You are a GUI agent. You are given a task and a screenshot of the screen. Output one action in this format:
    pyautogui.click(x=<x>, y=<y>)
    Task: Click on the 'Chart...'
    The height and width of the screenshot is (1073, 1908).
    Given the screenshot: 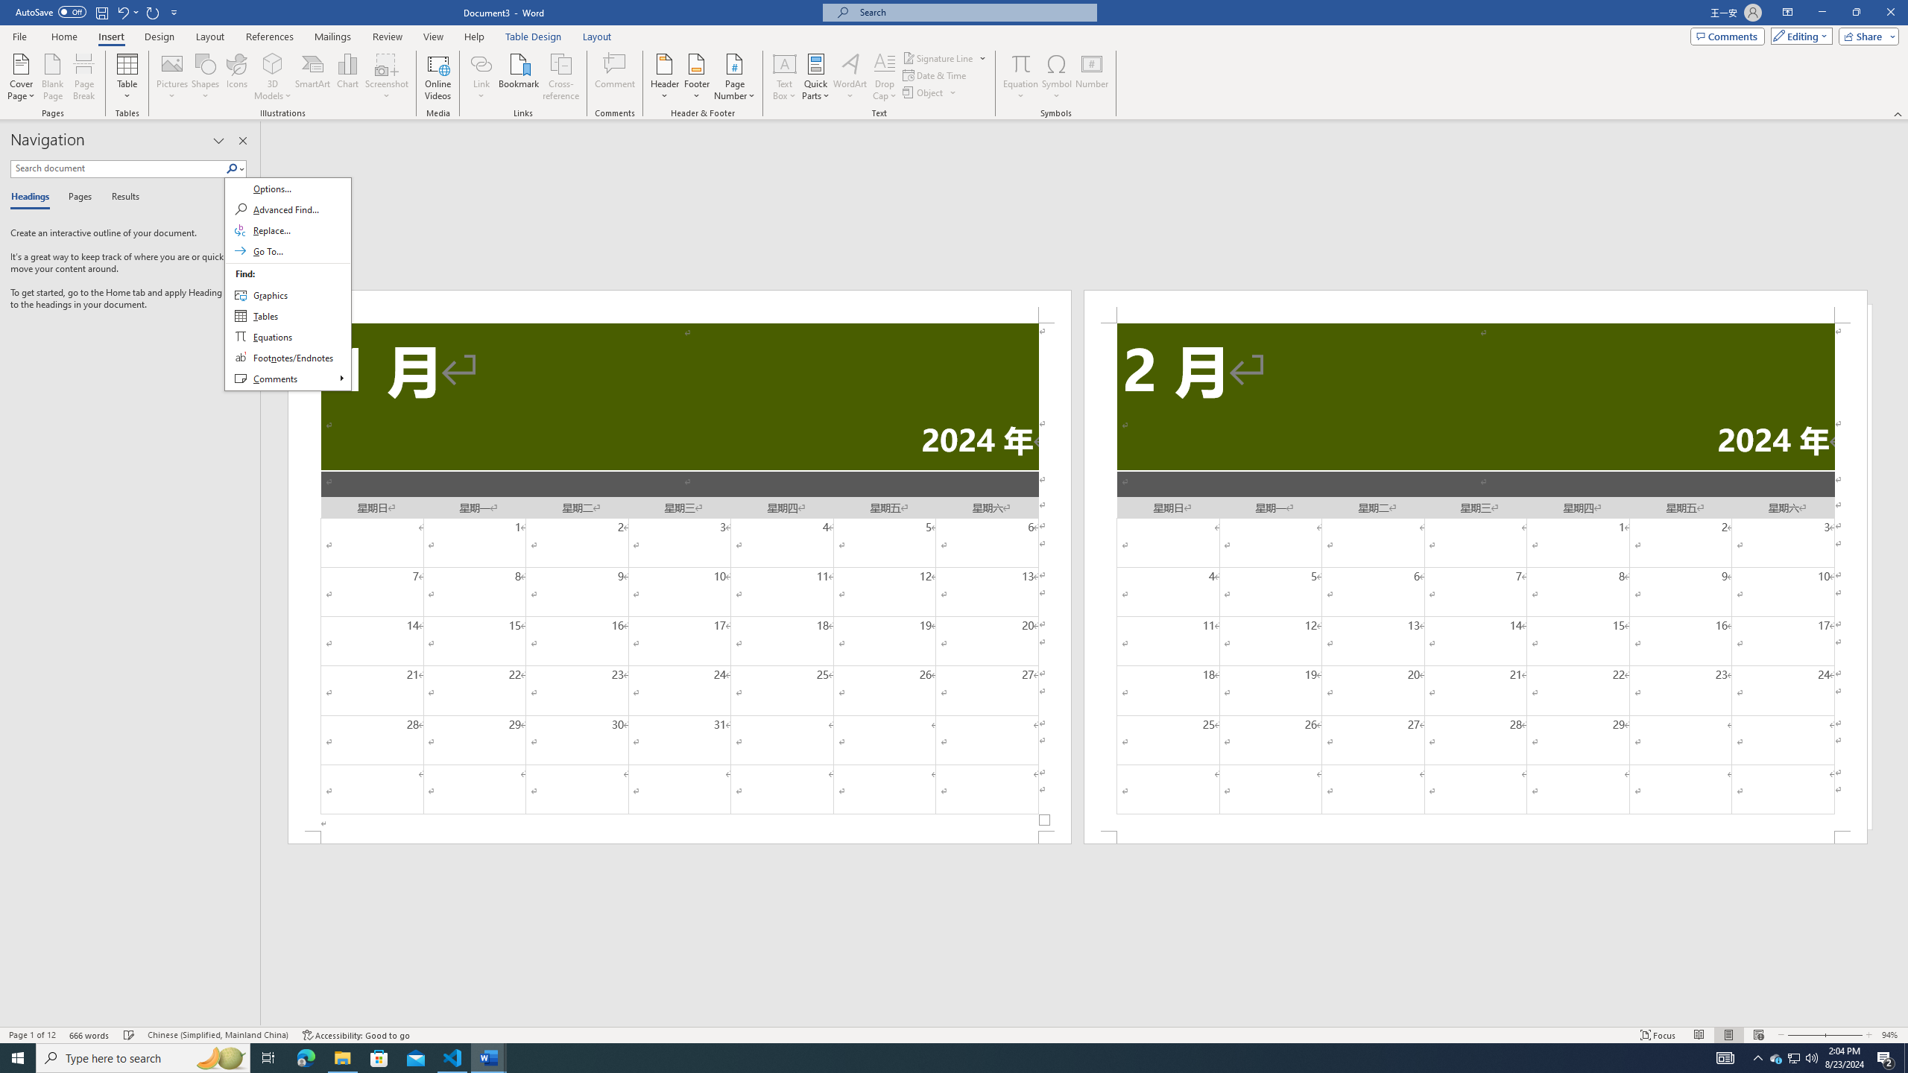 What is the action you would take?
    pyautogui.click(x=347, y=77)
    